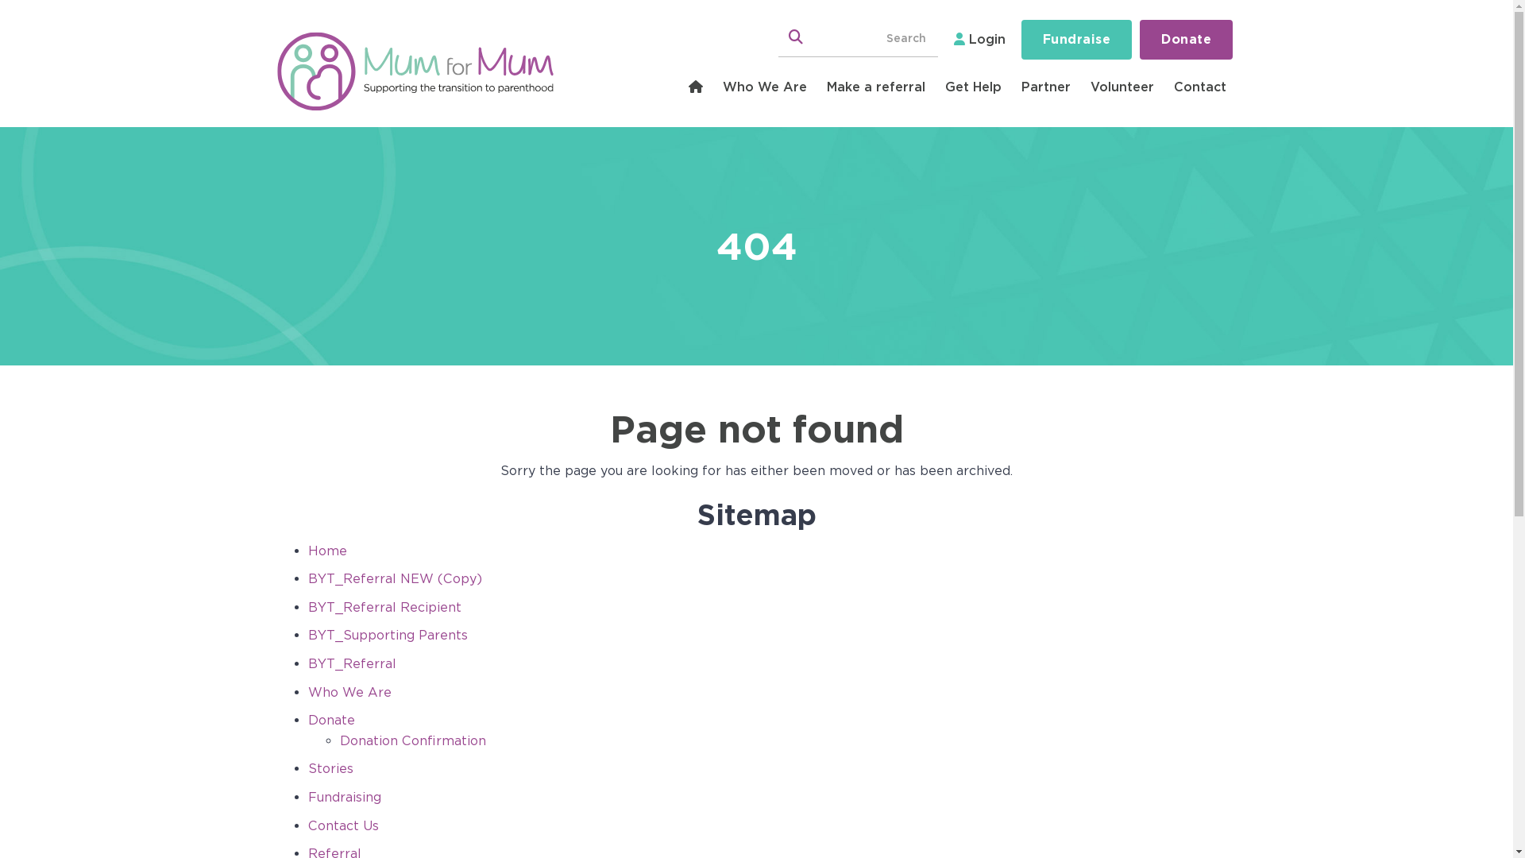  What do you see at coordinates (1077, 39) in the screenshot?
I see `'Fundraise'` at bounding box center [1077, 39].